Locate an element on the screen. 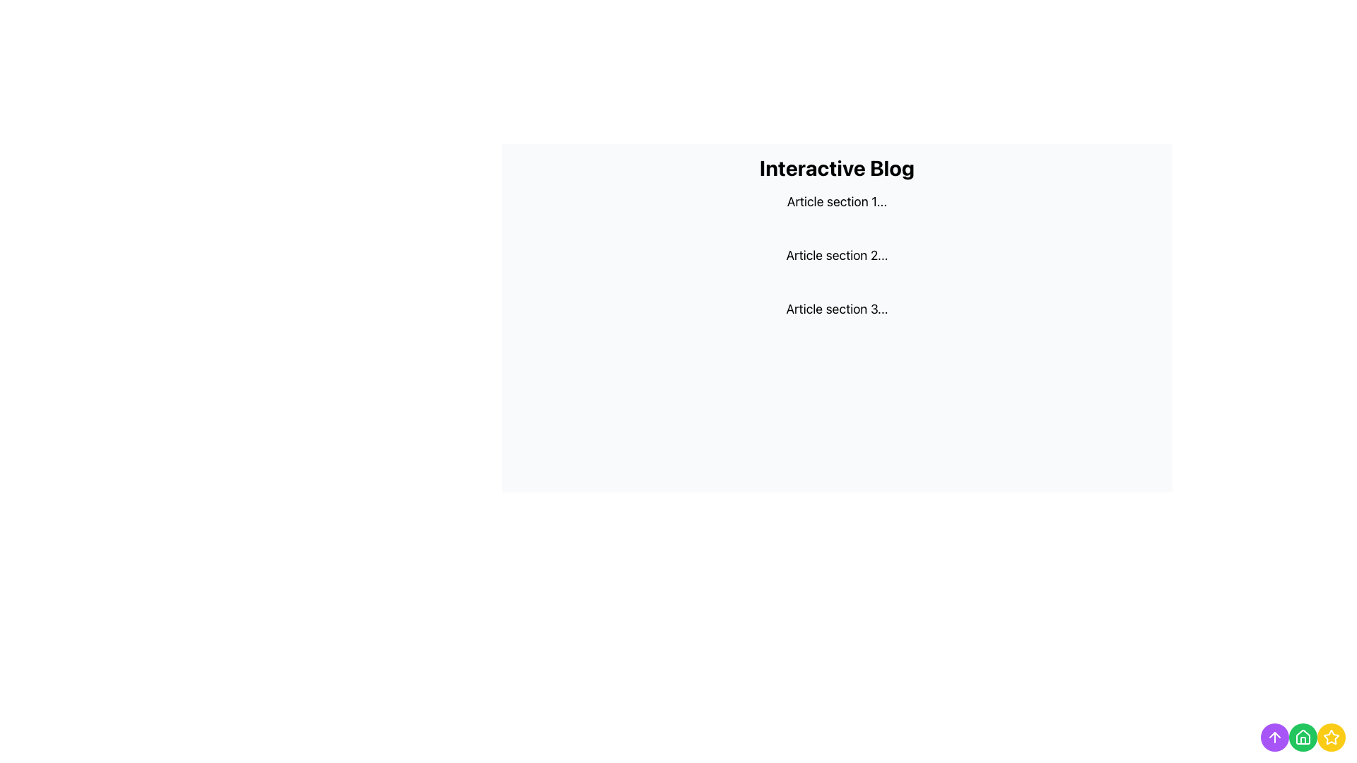 This screenshot has width=1357, height=763. the text label that categorizes the content, positioned under the section title 'Interactive Blog' is located at coordinates (837, 201).